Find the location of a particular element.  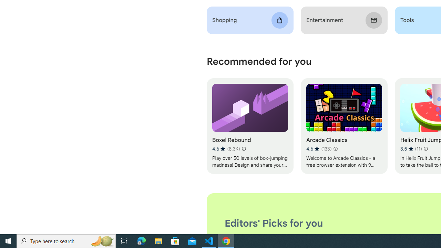

'Arcade Classics' is located at coordinates (344, 126).